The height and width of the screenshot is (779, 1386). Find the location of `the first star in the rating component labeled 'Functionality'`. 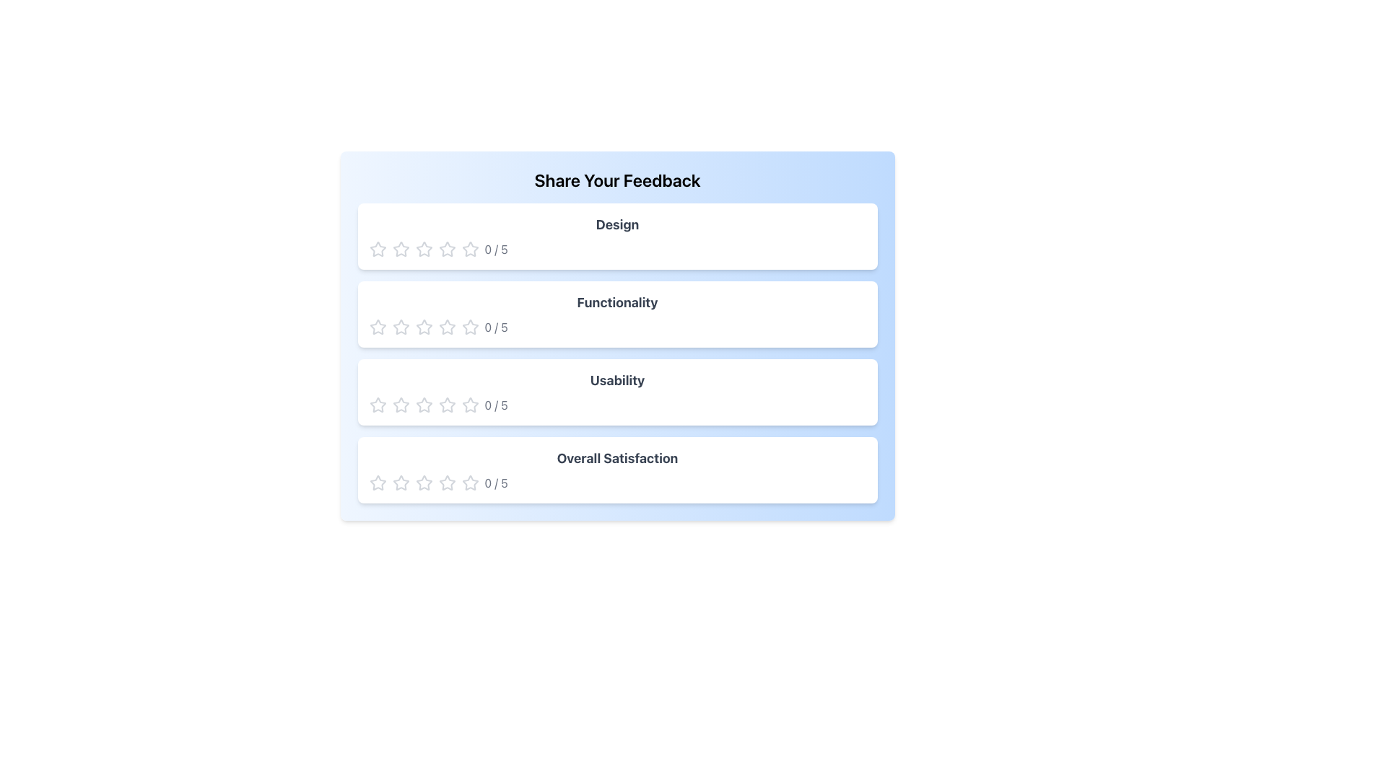

the first star in the rating component labeled 'Functionality' is located at coordinates (378, 327).